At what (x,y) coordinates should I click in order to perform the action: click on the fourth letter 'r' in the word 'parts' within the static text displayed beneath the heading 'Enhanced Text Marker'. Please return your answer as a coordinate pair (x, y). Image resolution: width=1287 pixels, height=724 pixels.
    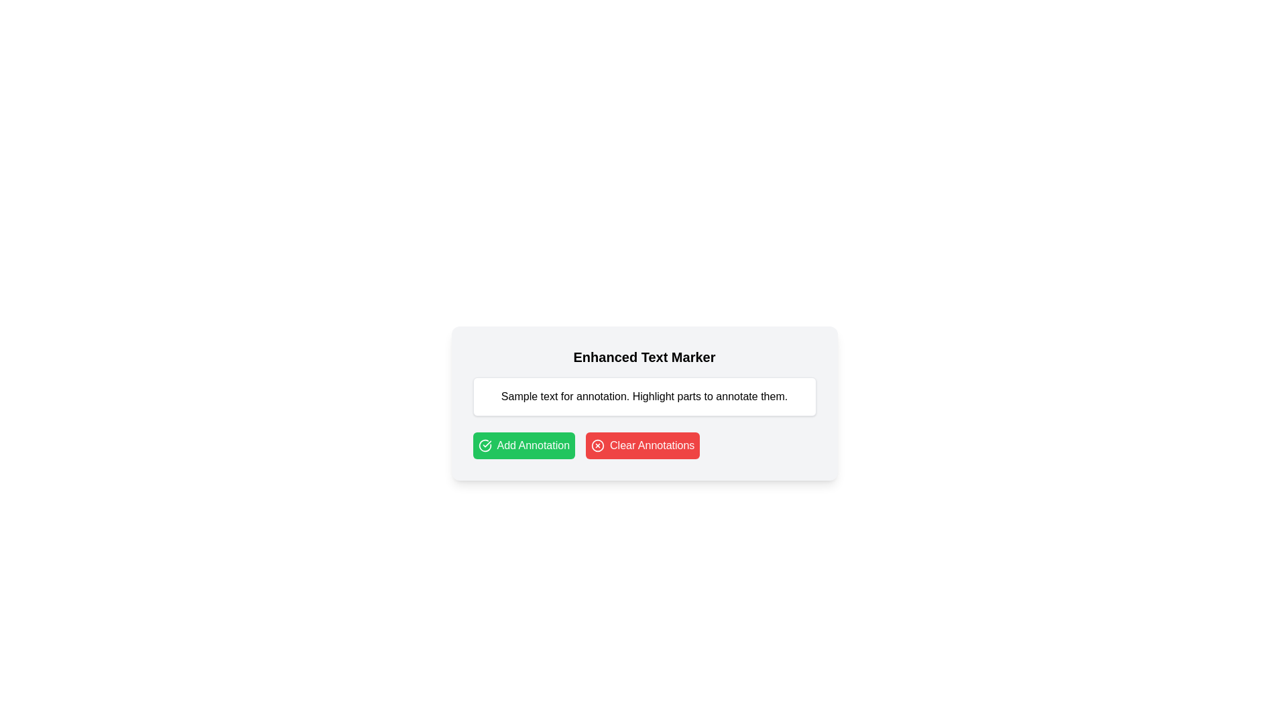
    Looking at the image, I should click on (686, 396).